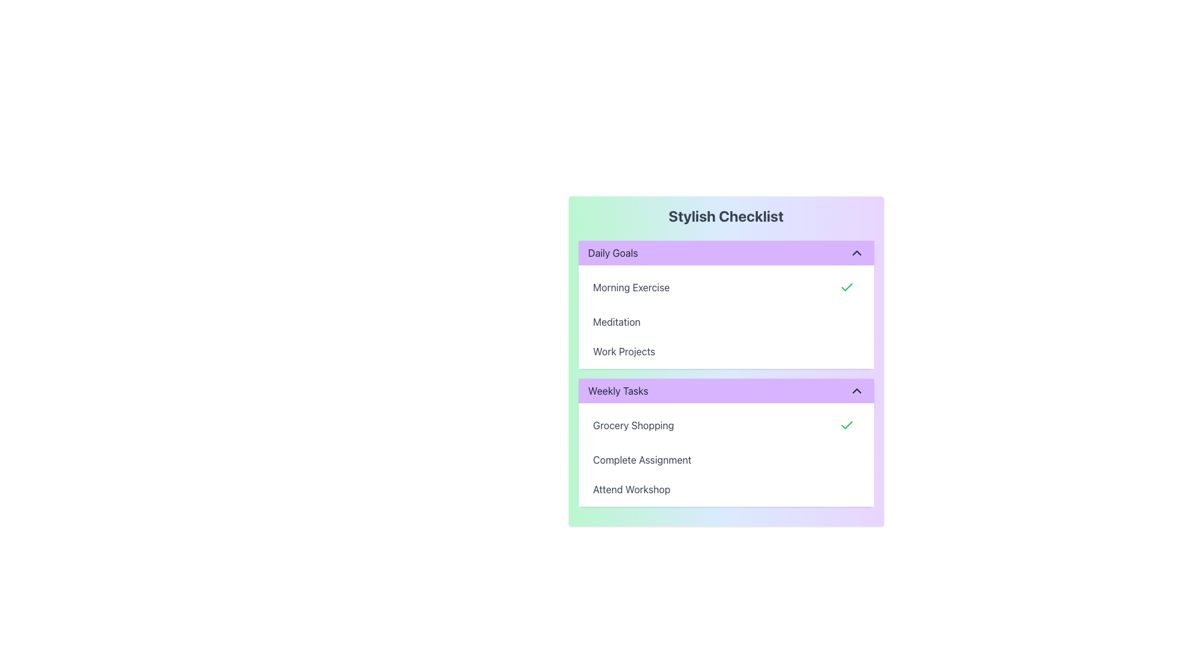  What do you see at coordinates (726, 287) in the screenshot?
I see `the 'Morning Exercise' checklist item row, which is the first item in the 'Daily Goals' section` at bounding box center [726, 287].